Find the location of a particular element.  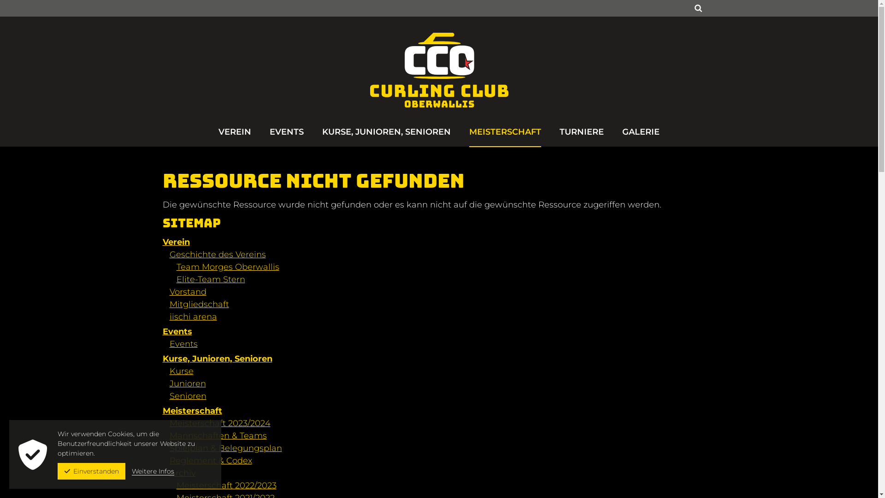

'Mannschaften & Teams' is located at coordinates (218, 436).